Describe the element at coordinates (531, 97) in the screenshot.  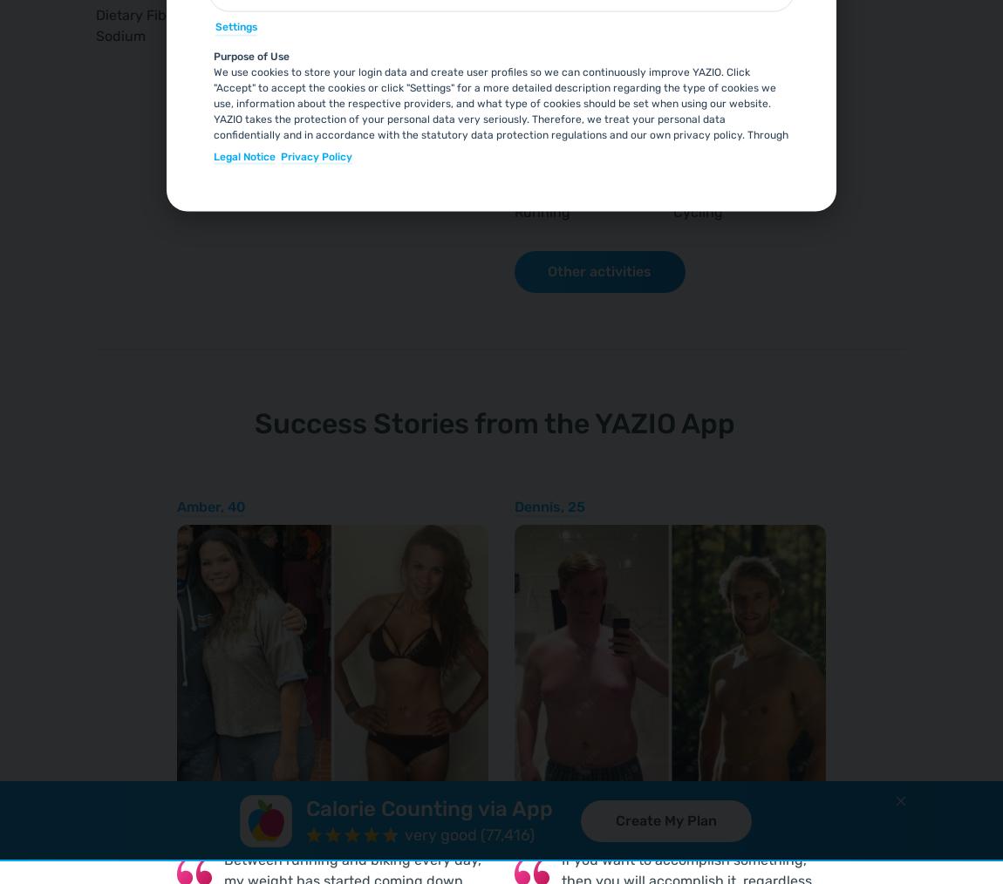
I see `'Steps'` at that location.